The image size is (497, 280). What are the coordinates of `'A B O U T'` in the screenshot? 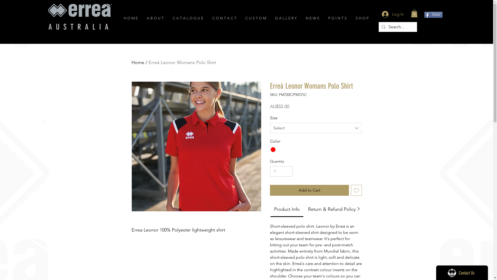 It's located at (155, 18).